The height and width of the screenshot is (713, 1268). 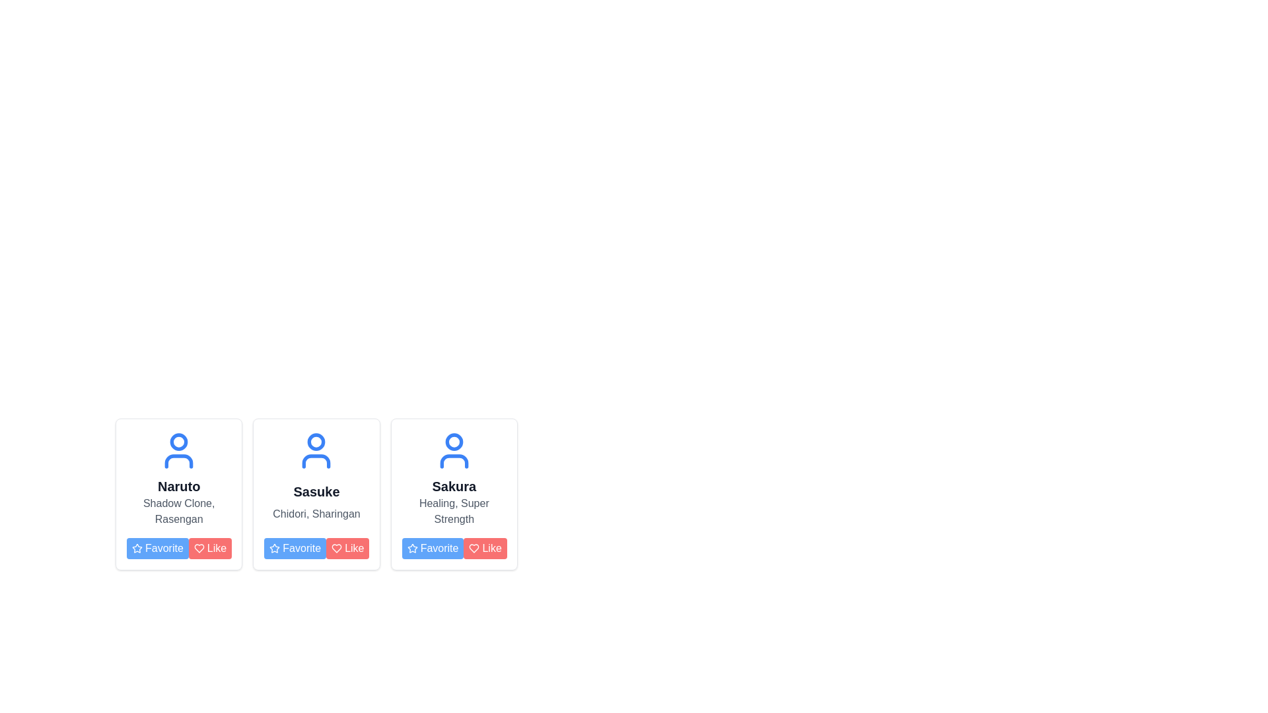 I want to click on the star icon, which is the first element in the 'Favorite' button, so click(x=274, y=548).